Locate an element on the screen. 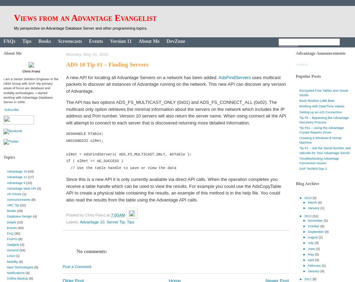 The height and width of the screenshot is (282, 355). 'Creating a Windows 8 Virtual Machine' is located at coordinates (299, 140).